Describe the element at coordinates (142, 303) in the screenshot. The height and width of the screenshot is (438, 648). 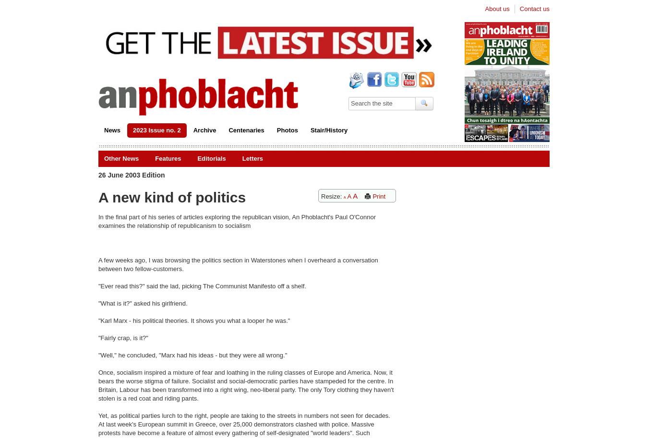
I see `'"What is it?" asked his girlfriend.'` at that location.